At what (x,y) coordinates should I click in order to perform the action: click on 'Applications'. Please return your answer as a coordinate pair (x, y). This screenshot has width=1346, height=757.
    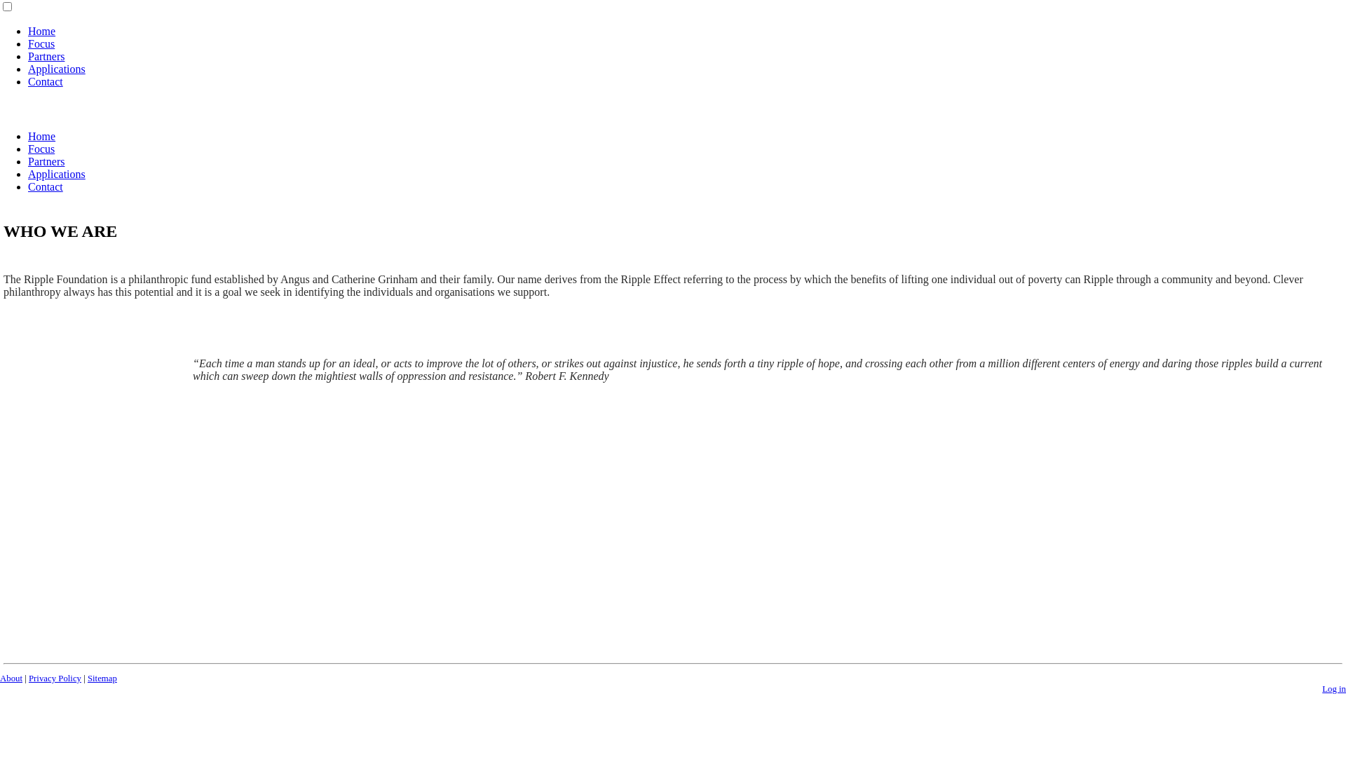
    Looking at the image, I should click on (56, 69).